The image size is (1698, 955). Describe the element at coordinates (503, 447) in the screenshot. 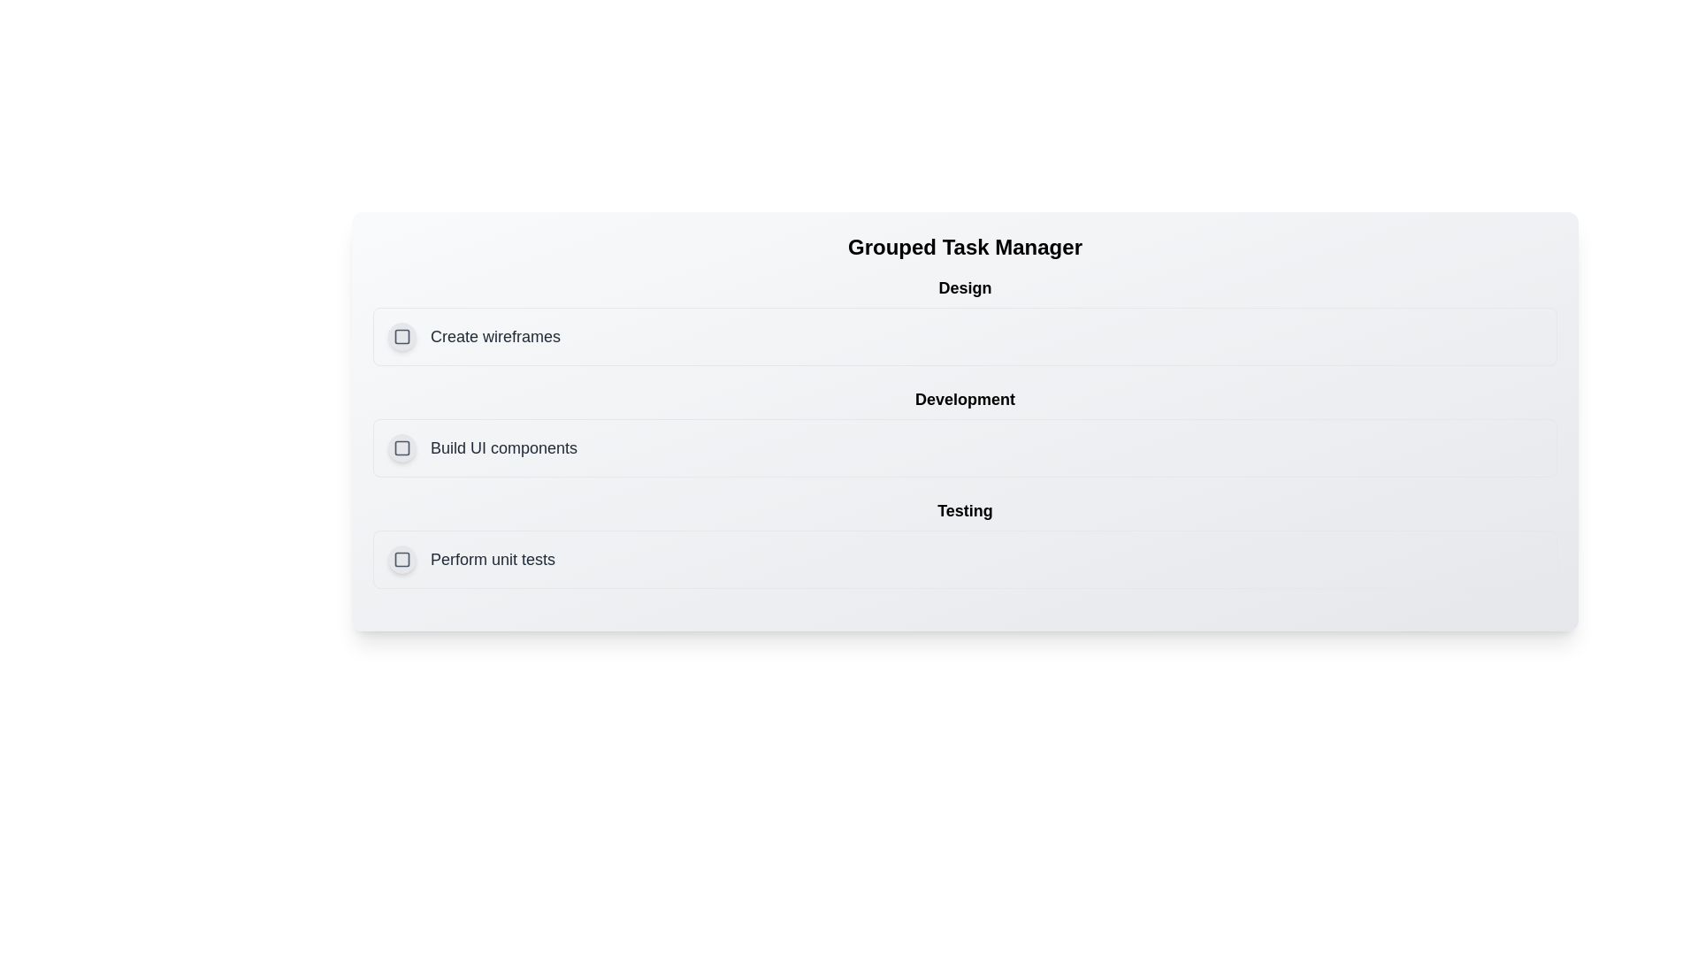

I see `text label that describes the task 'Build UI components' within the 'Development' section of the task manager interface, located between 'Create wireframes' and 'Perform unit tests'` at that location.